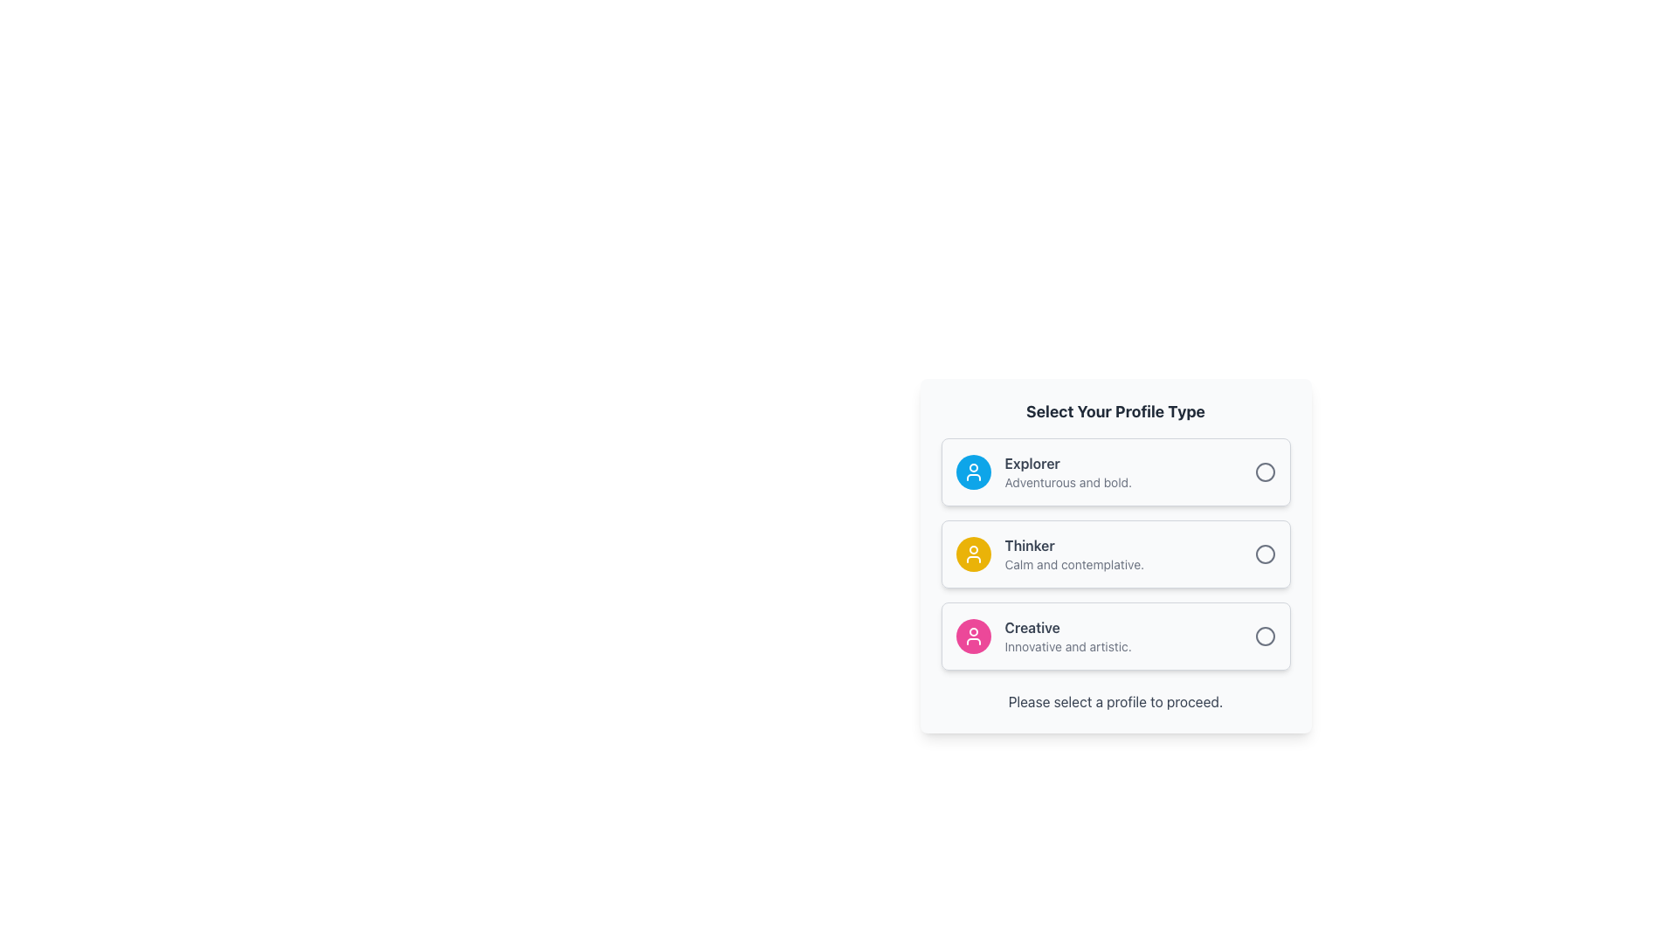  I want to click on the radio button located at the far right of the list item labeled 'Explorer Adventurous and bold', so click(1265, 471).